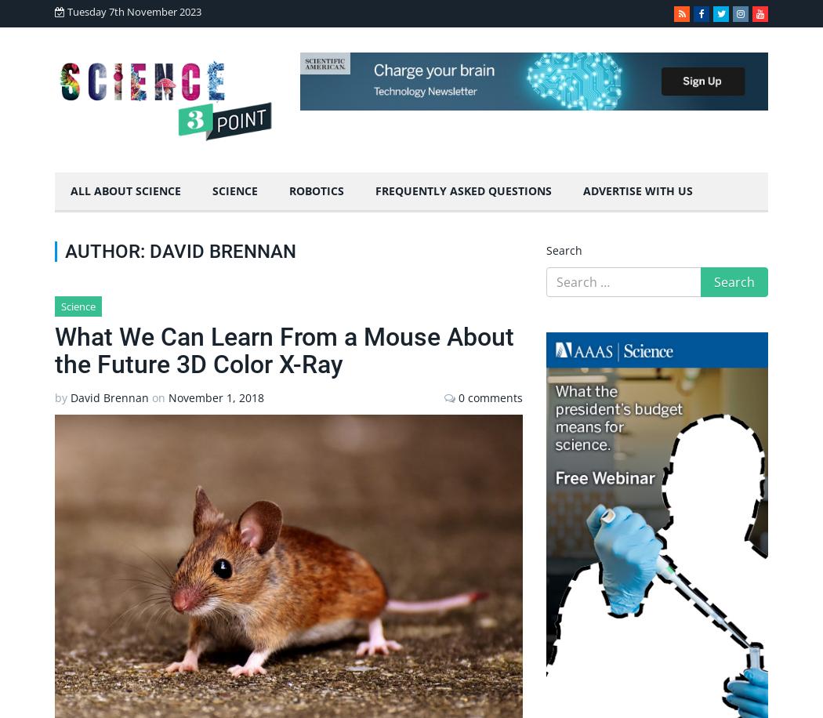  Describe the element at coordinates (283, 350) in the screenshot. I see `'What We Can Learn From a Mouse About the Future 3D Color X-Ray'` at that location.